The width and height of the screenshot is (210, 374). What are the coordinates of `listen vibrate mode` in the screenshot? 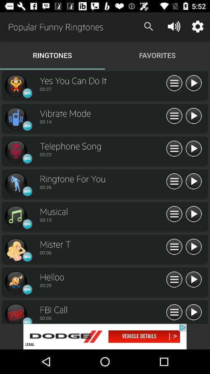 It's located at (193, 116).